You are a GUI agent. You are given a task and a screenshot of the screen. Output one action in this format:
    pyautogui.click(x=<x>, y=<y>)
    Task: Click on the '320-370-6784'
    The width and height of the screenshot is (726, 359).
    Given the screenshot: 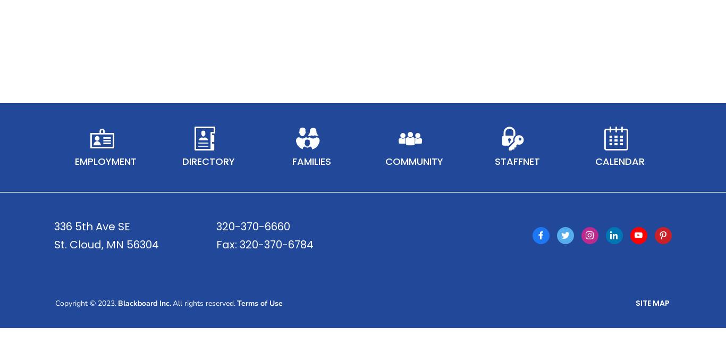 What is the action you would take?
    pyautogui.click(x=276, y=258)
    